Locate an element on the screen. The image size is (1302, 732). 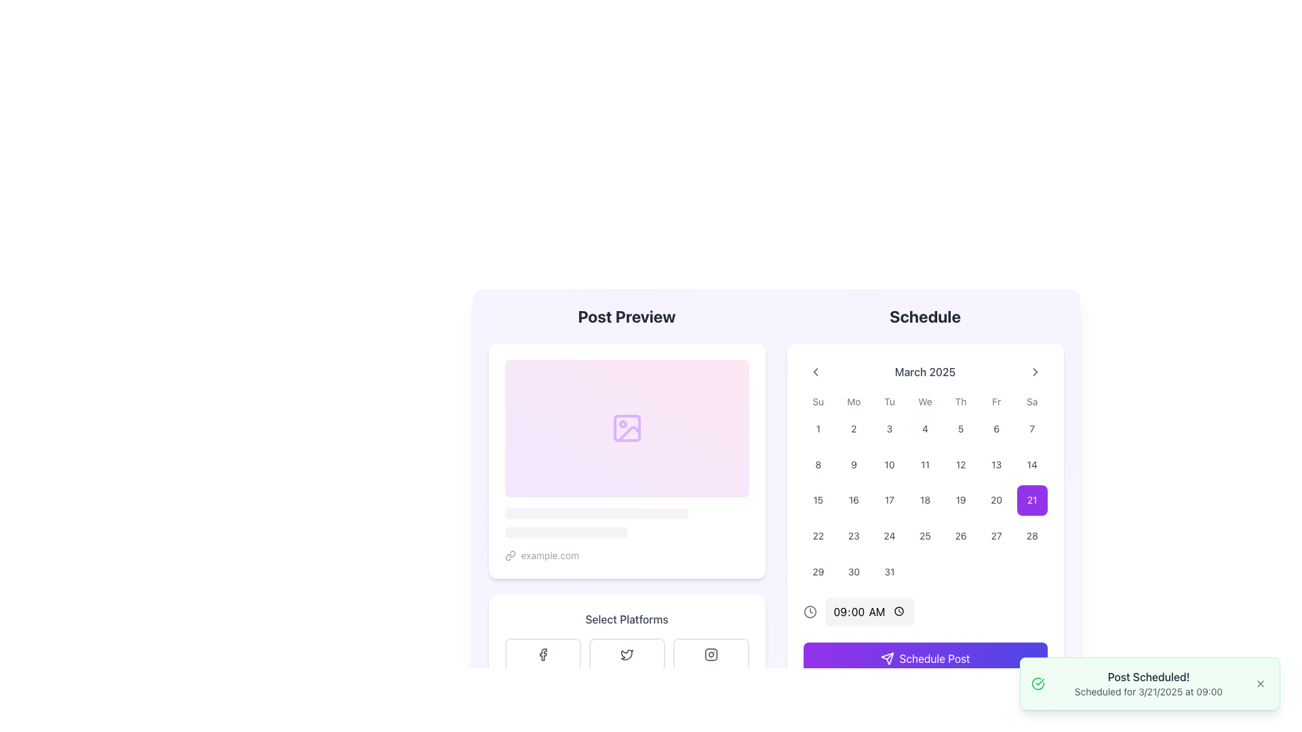
displayed text 'March 2025' from the text label styled with a medium font weight and gray color, which is centrally located among calendar navigation elements is located at coordinates (924, 371).